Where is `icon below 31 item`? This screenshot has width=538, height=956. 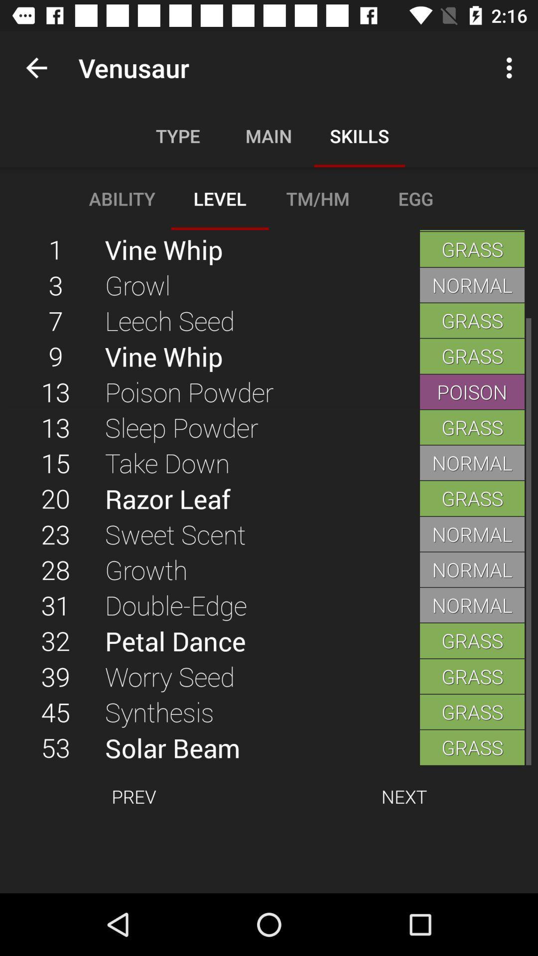 icon below 31 item is located at coordinates (262, 640).